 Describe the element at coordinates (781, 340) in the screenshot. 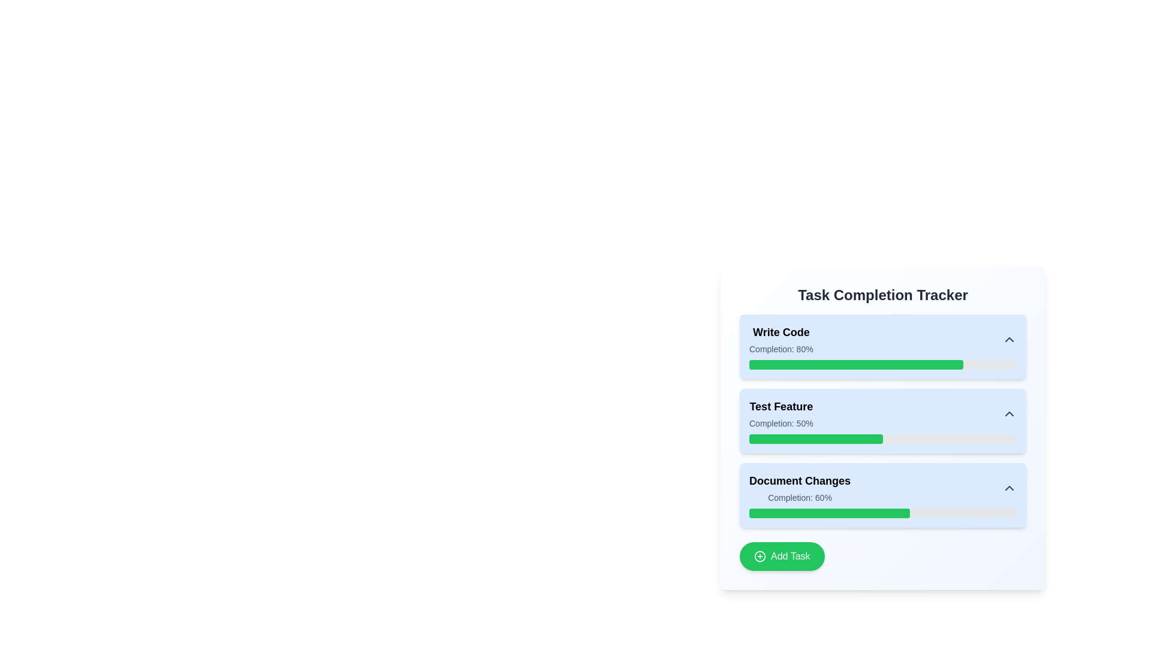

I see `the text-based status display component labeled 'Write Code'` at that location.